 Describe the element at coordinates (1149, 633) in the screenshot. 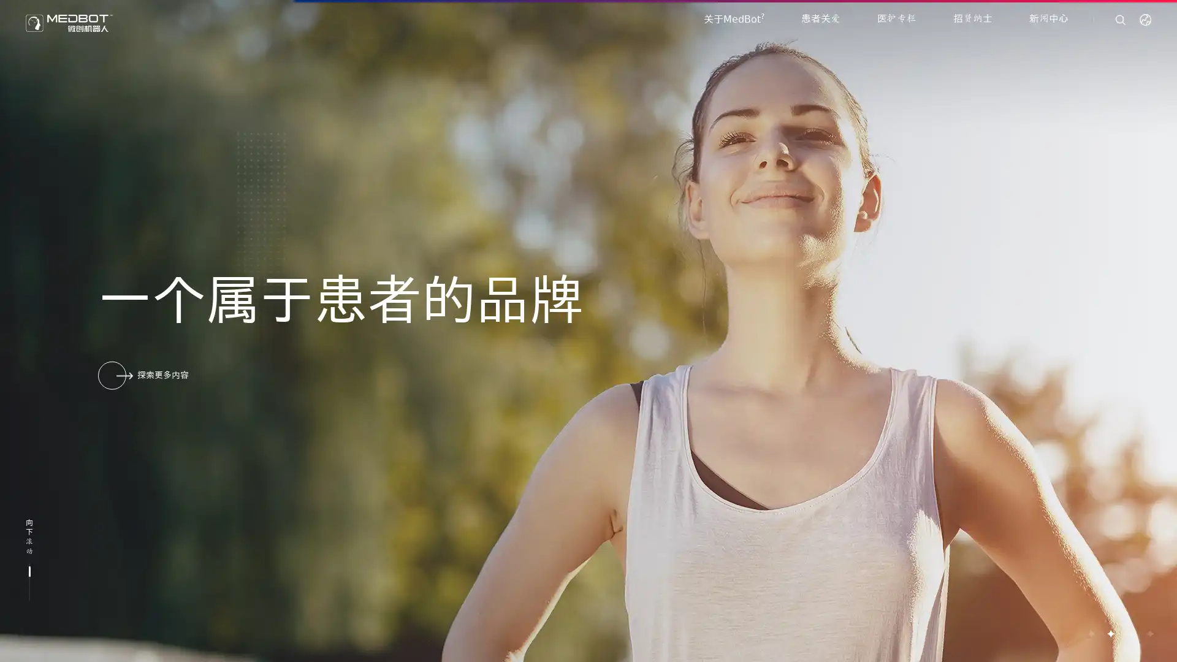

I see `Go to slide 4` at that location.